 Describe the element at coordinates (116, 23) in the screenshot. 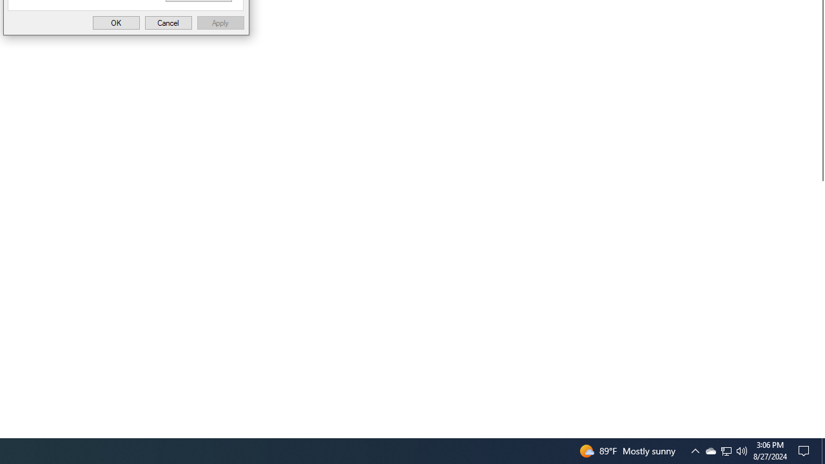

I see `'OK'` at that location.